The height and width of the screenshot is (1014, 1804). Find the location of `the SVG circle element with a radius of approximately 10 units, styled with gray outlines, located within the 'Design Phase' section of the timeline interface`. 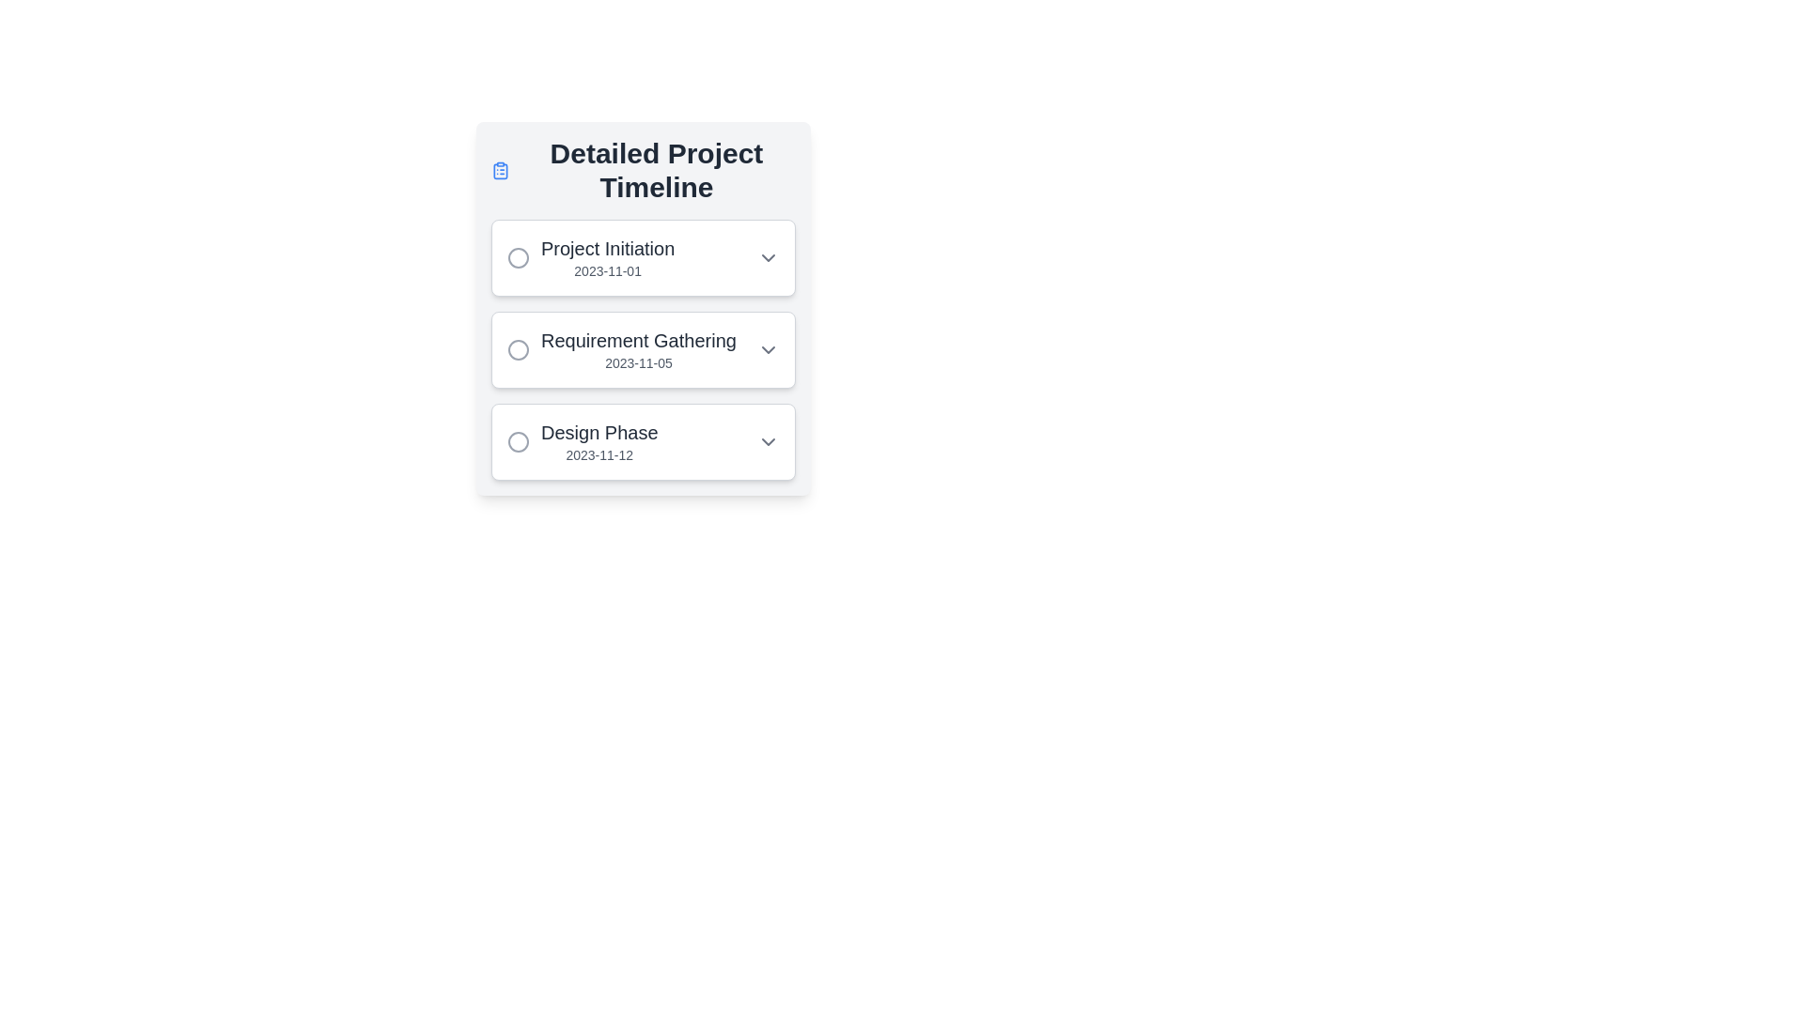

the SVG circle element with a radius of approximately 10 units, styled with gray outlines, located within the 'Design Phase' section of the timeline interface is located at coordinates (519, 441).